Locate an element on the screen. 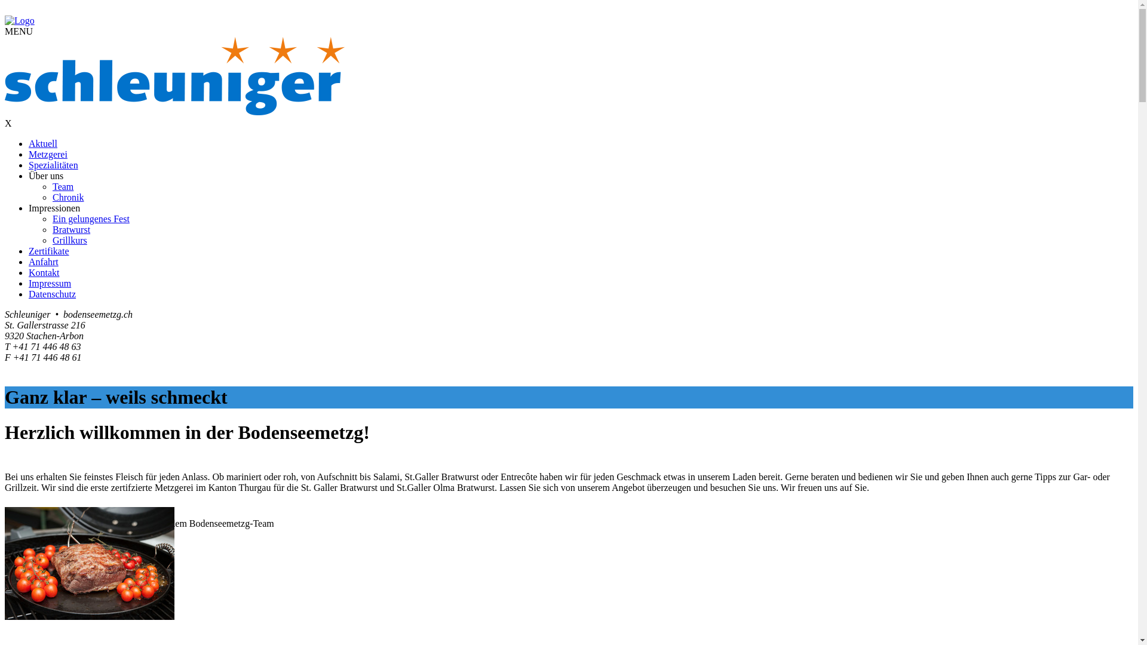 This screenshot has height=645, width=1147. 'Bratwurst' is located at coordinates (51, 229).